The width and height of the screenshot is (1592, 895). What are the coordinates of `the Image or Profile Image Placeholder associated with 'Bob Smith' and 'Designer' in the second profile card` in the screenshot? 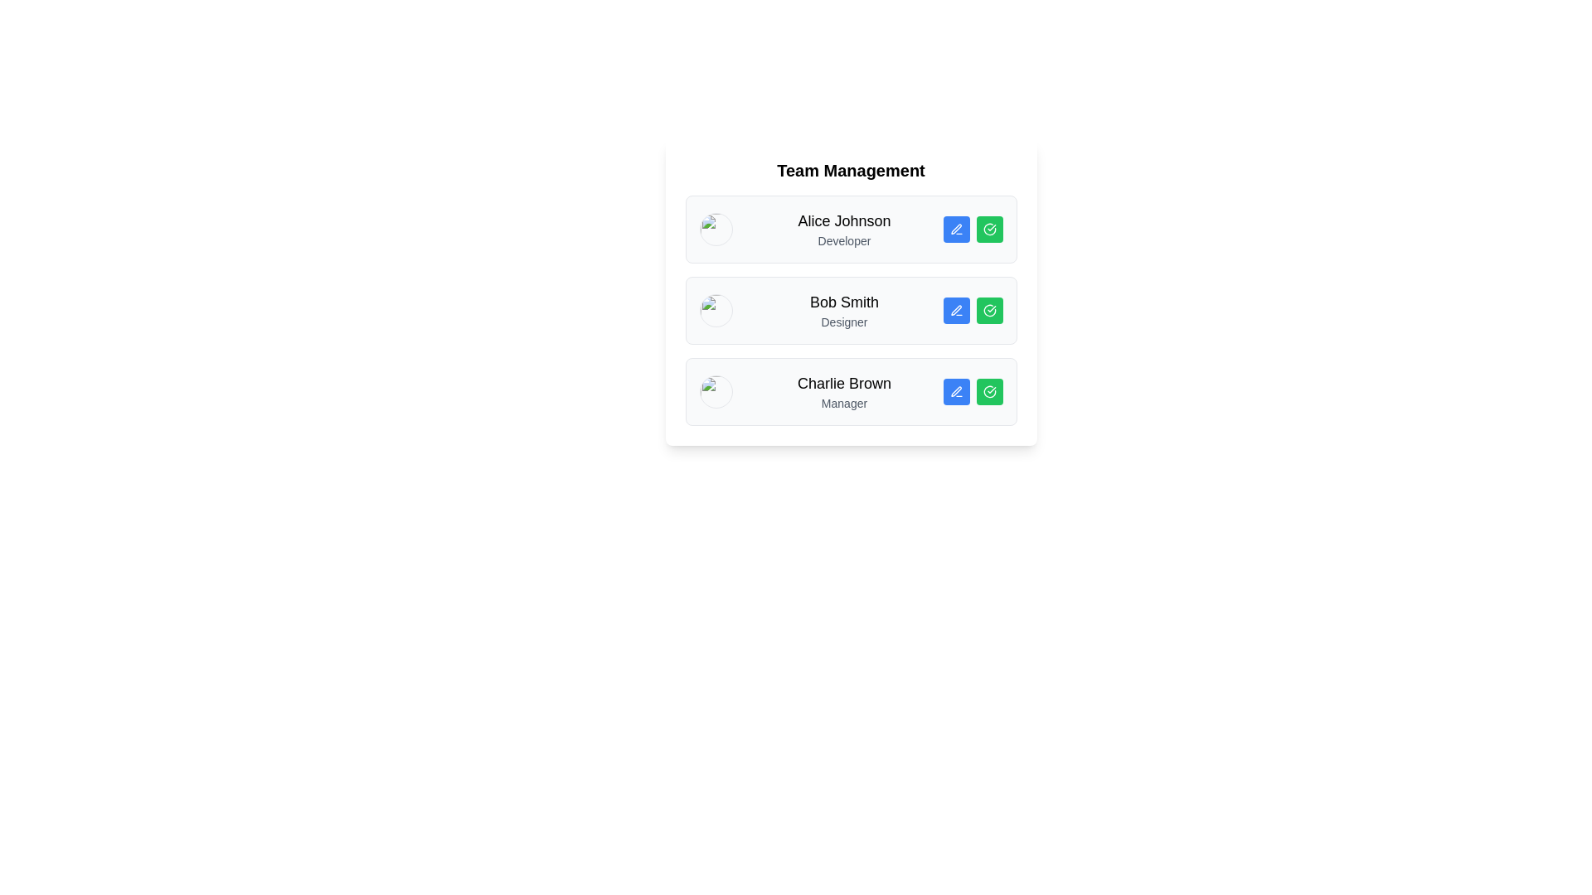 It's located at (716, 310).